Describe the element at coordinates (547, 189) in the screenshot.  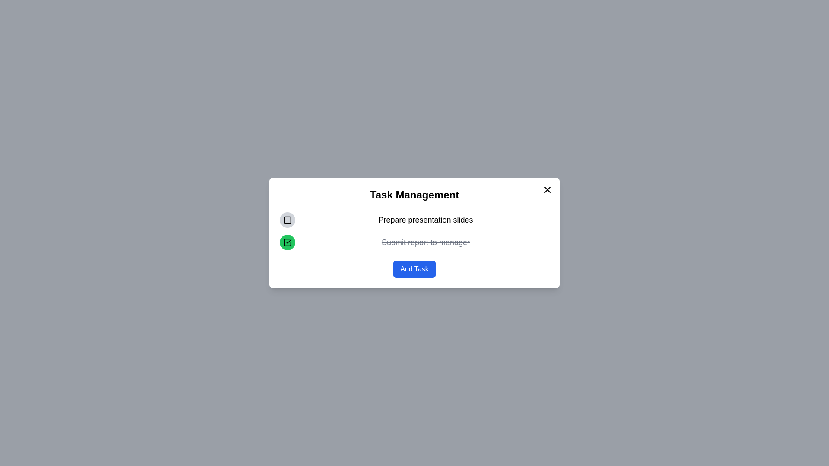
I see `the diagonal line of the 'X' icon located in the top-right corner of the 'Task Management' modal` at that location.